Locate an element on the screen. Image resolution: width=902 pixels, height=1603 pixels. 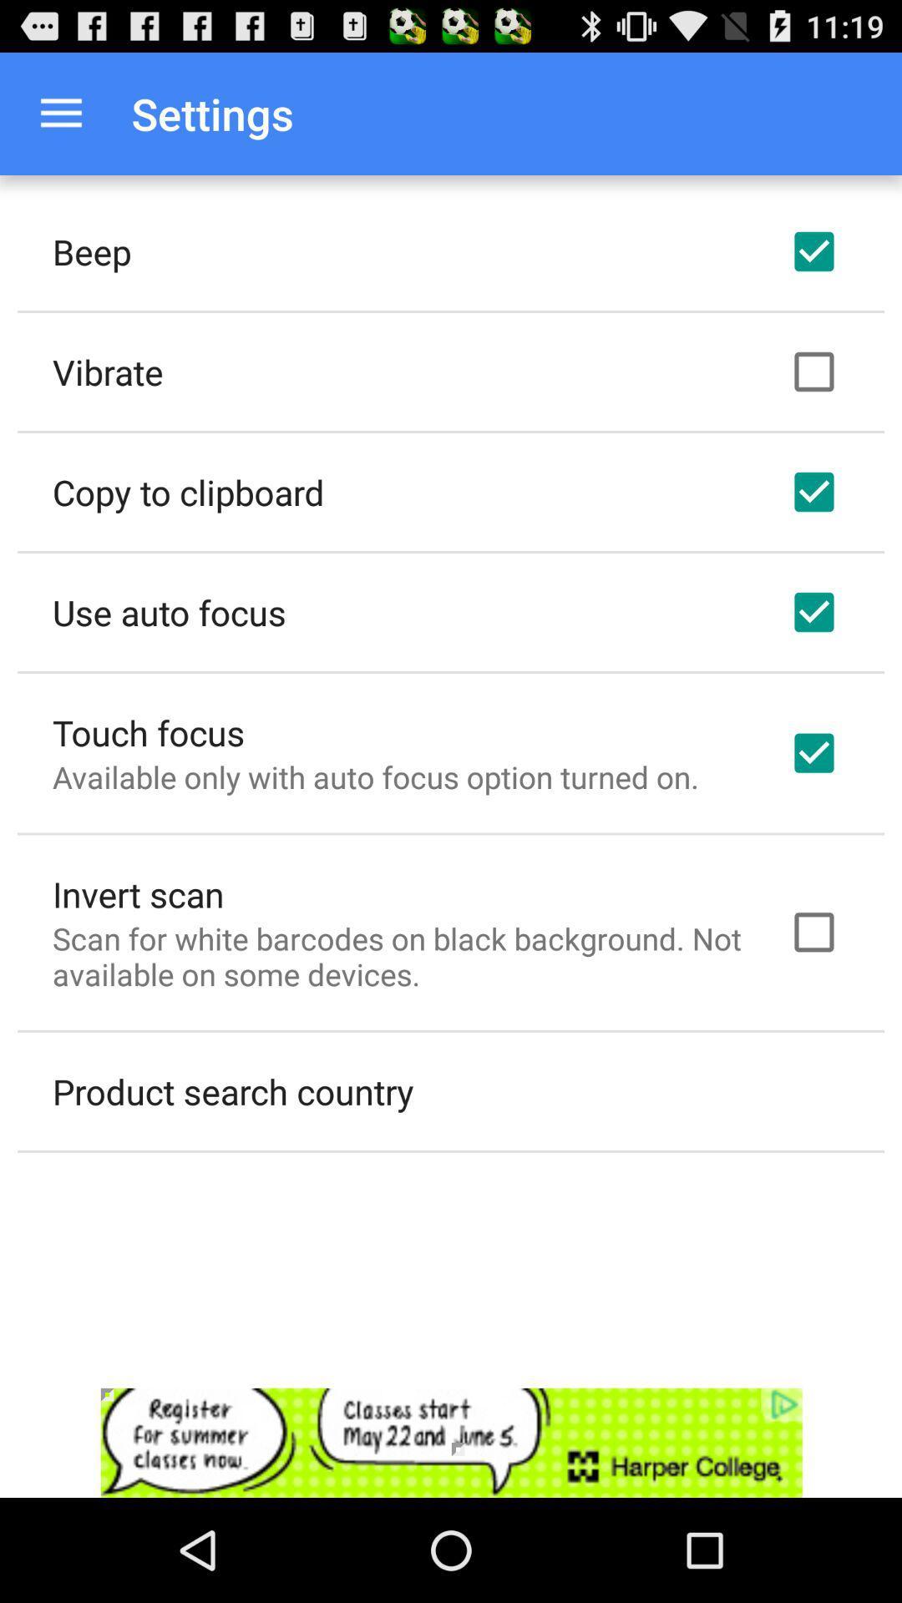
open advertisement is located at coordinates (451, 1442).